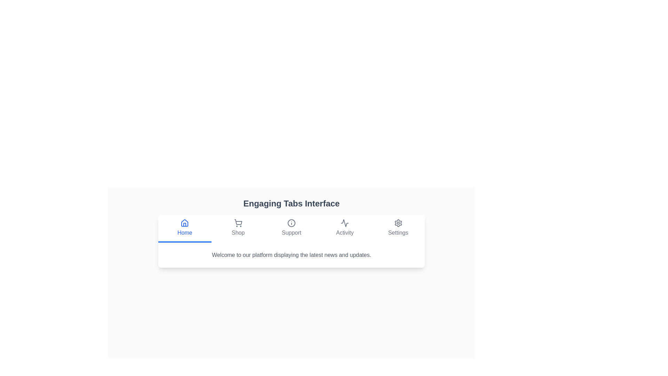  I want to click on the 'Support' text label located centrally in the navigation menu, so click(292, 233).